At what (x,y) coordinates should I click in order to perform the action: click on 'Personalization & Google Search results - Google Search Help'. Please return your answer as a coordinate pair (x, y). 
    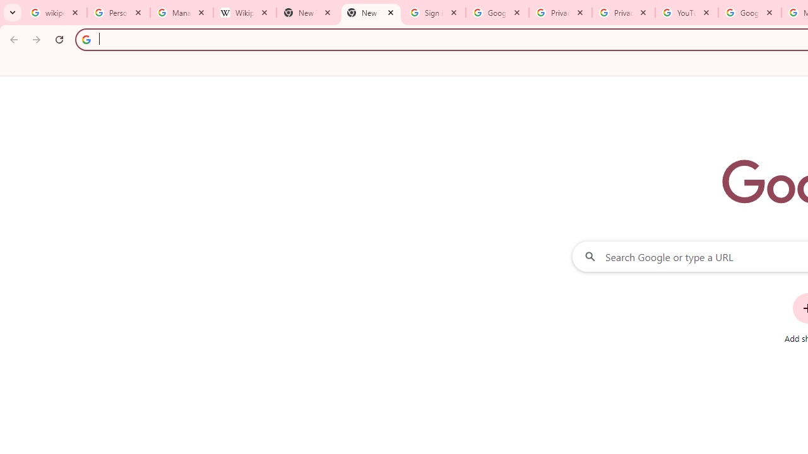
    Looking at the image, I should click on (119, 13).